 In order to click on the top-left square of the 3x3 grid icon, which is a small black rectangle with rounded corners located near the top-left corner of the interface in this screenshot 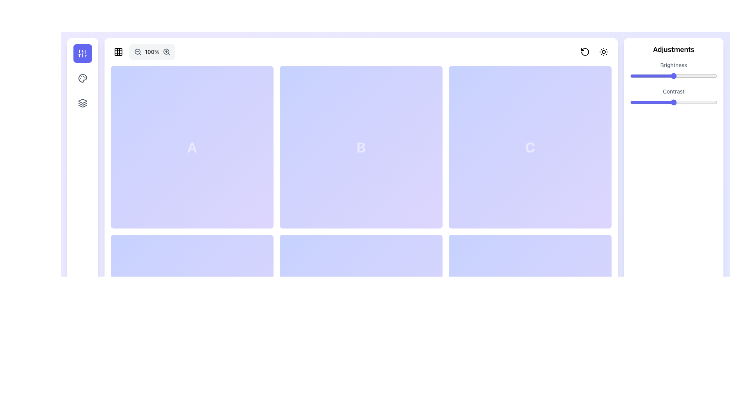, I will do `click(118, 52)`.